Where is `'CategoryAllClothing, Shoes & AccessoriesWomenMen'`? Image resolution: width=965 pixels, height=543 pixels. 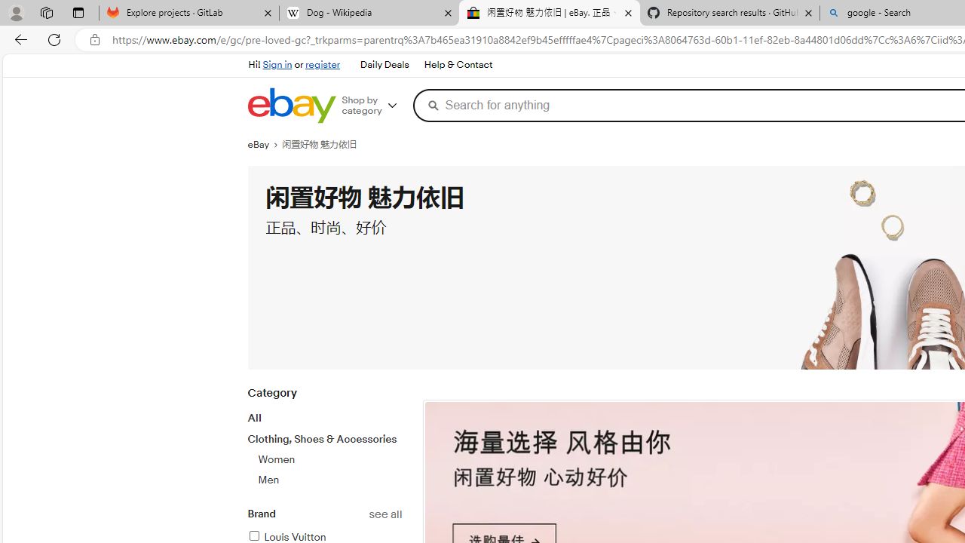
'CategoryAllClothing, Shoes & AccessoriesWomenMen' is located at coordinates (323, 444).